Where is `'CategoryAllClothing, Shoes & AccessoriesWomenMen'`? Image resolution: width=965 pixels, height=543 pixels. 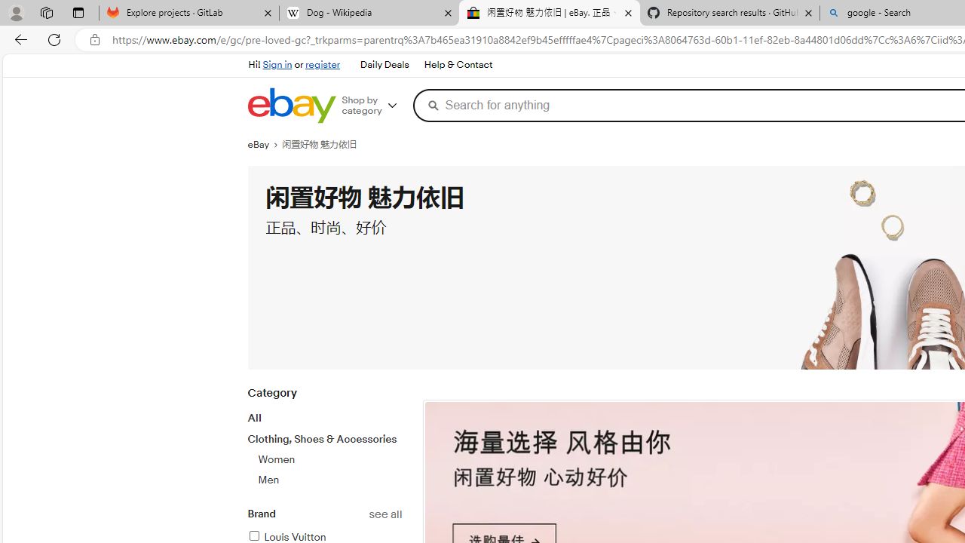
'CategoryAllClothing, Shoes & AccessoriesWomenMen' is located at coordinates (323, 444).